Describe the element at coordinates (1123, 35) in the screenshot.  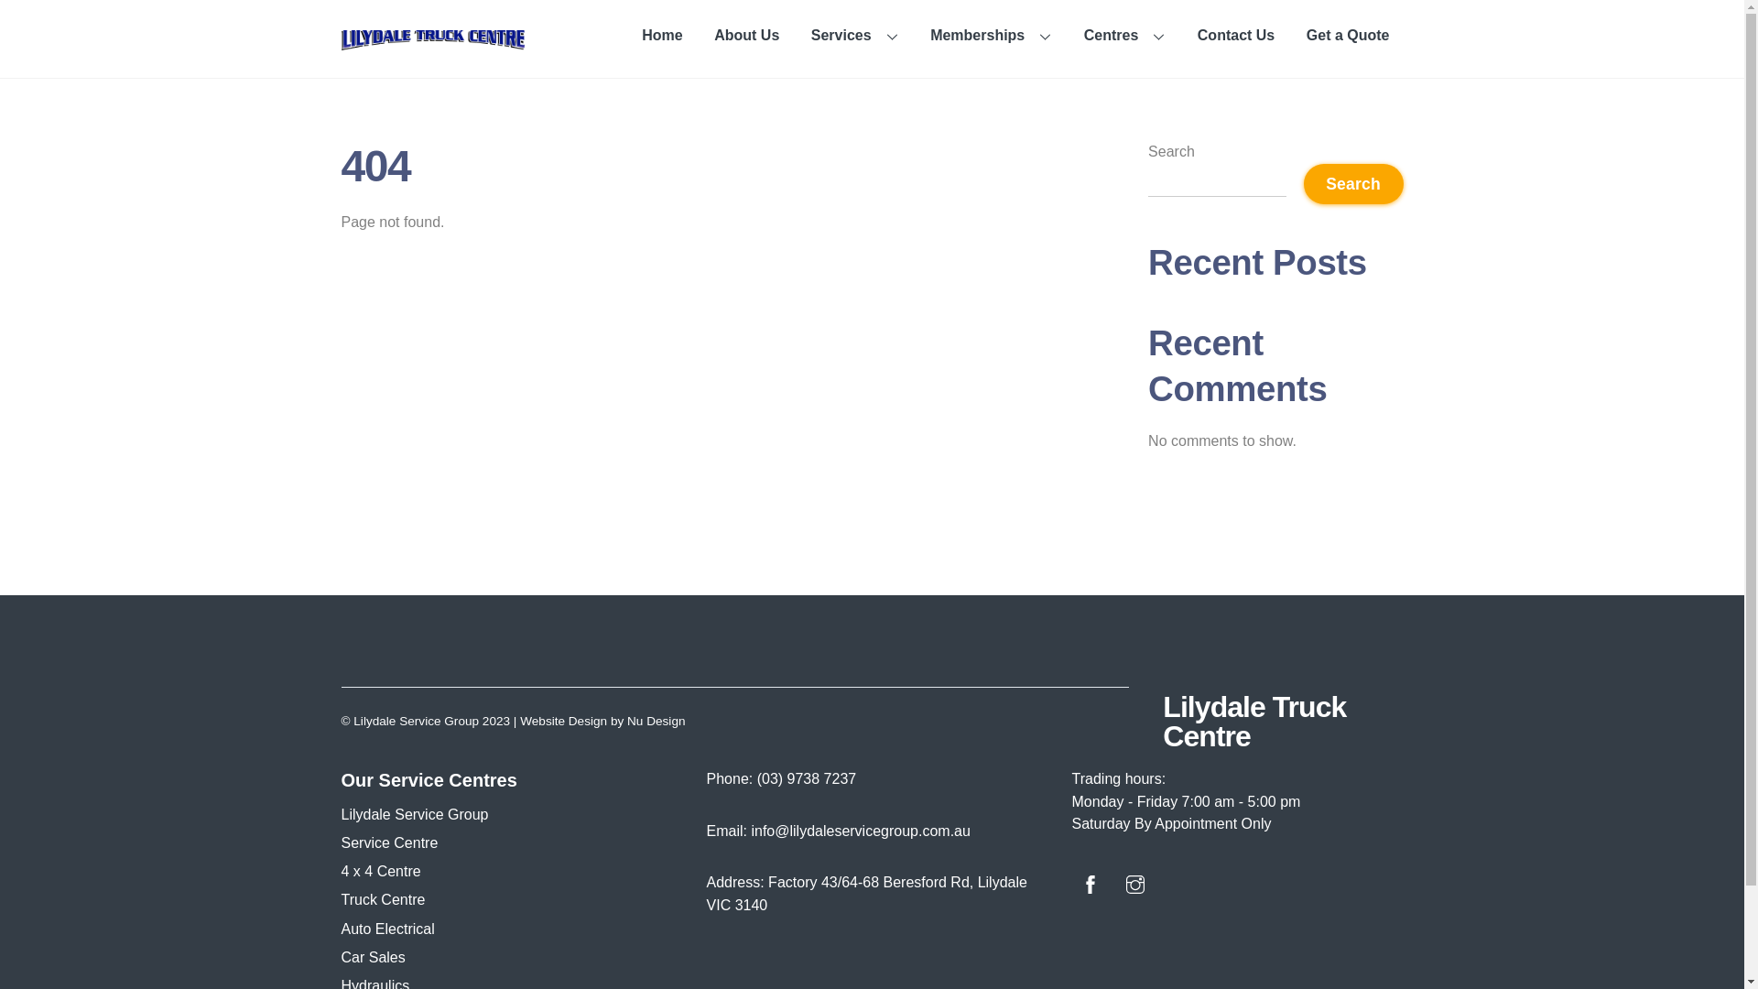
I see `'Centres'` at that location.